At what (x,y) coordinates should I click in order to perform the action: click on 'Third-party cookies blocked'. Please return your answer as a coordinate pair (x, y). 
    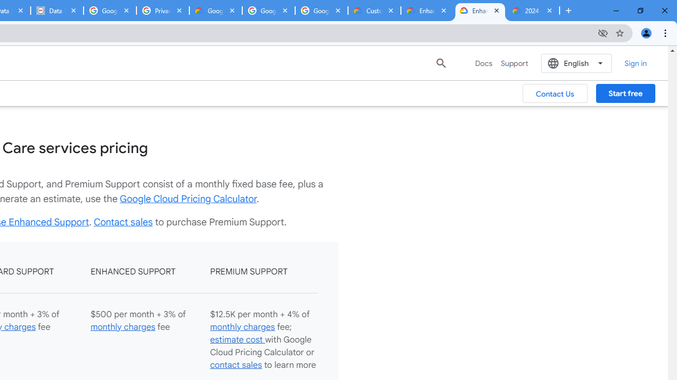
    Looking at the image, I should click on (602, 32).